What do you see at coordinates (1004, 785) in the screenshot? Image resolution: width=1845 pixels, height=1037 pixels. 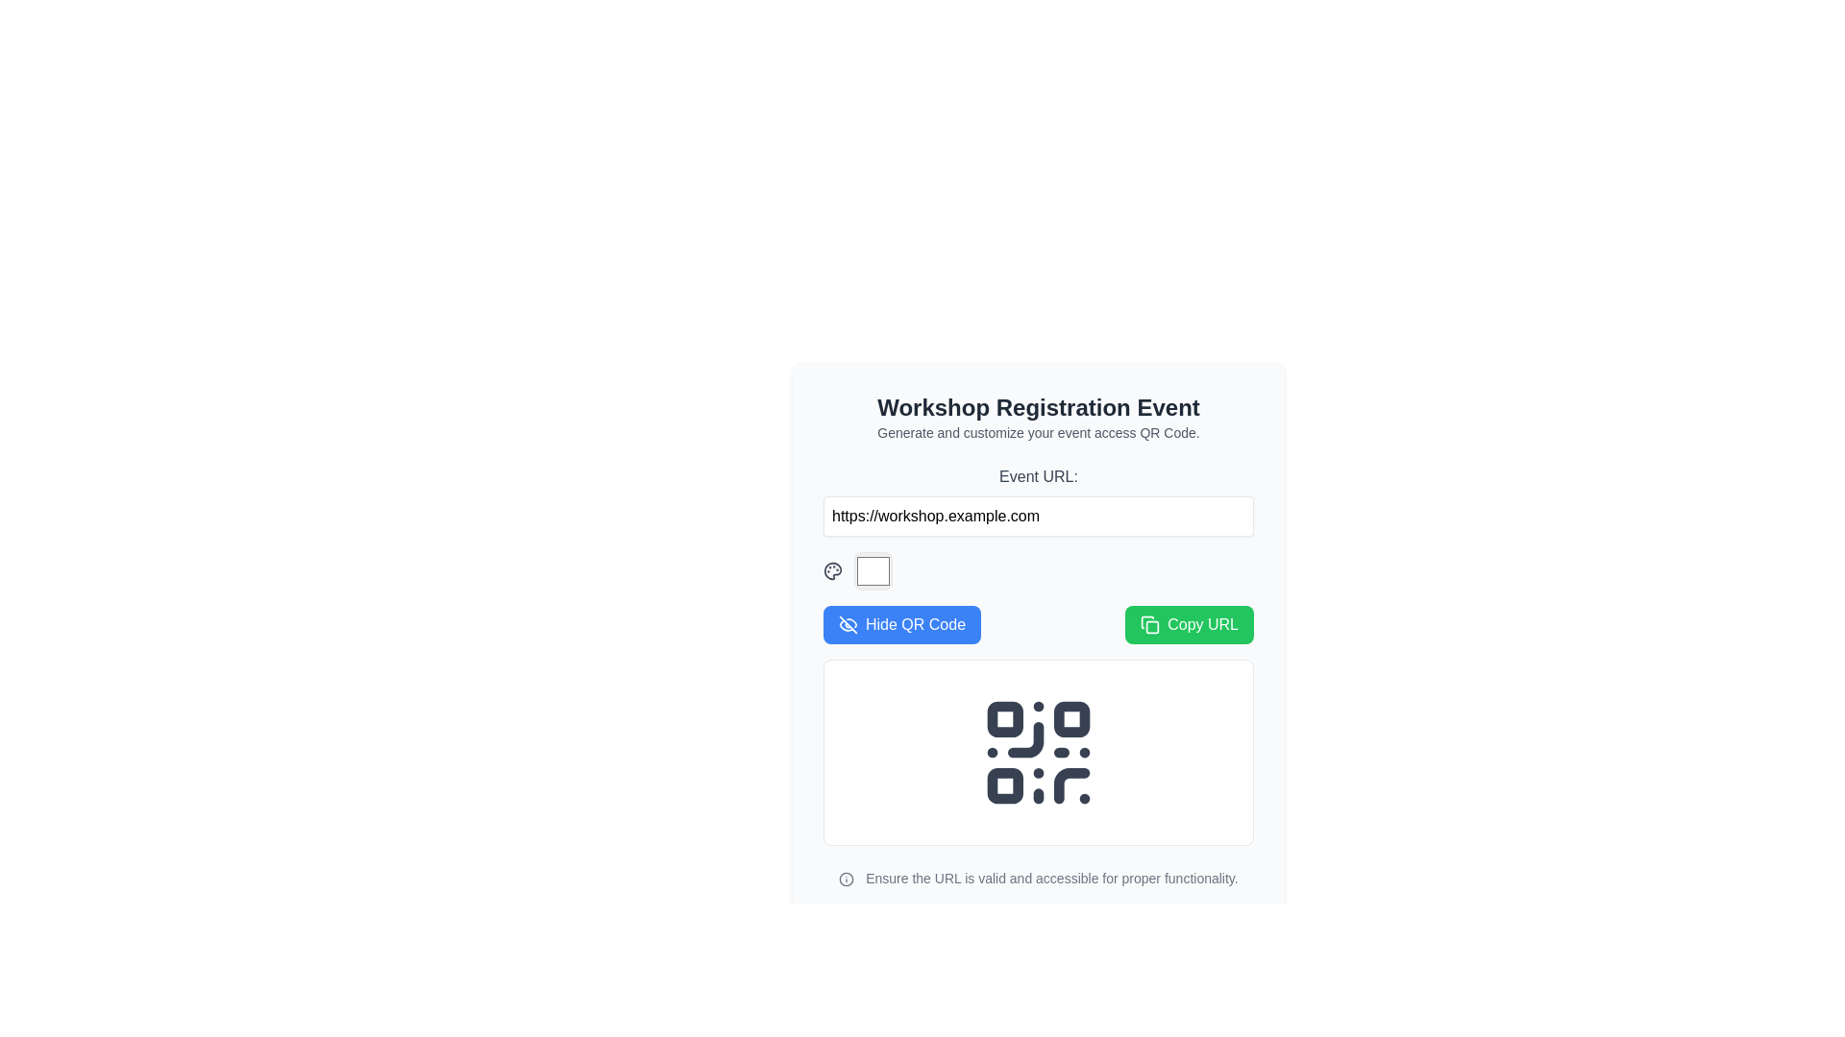 I see `the small dark-colored square with rounded corners located in the bottom-left quadrant of the QR code` at bounding box center [1004, 785].